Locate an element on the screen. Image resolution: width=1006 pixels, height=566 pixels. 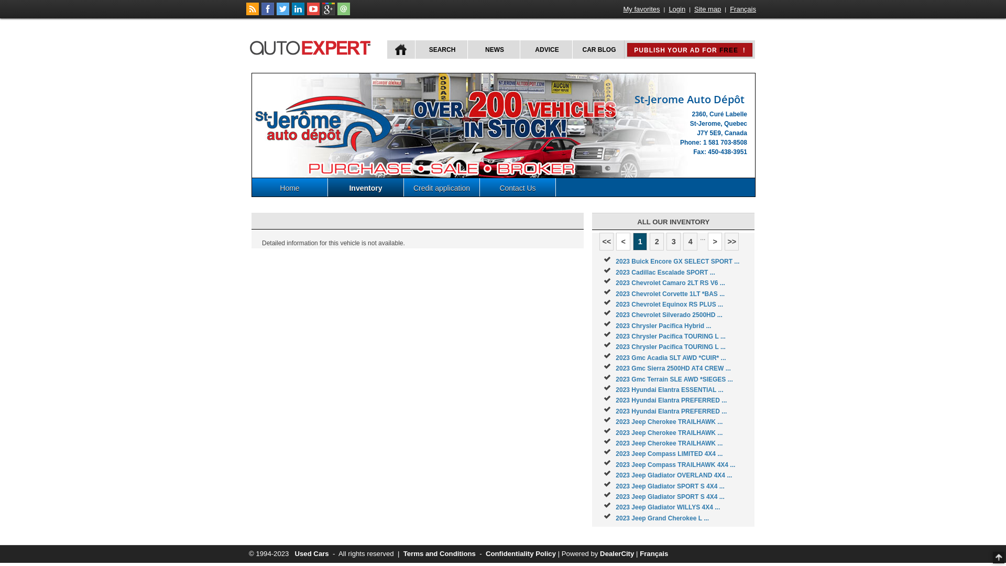
'2023 Chrysler Pacifica TOURING L ...' is located at coordinates (671, 336).